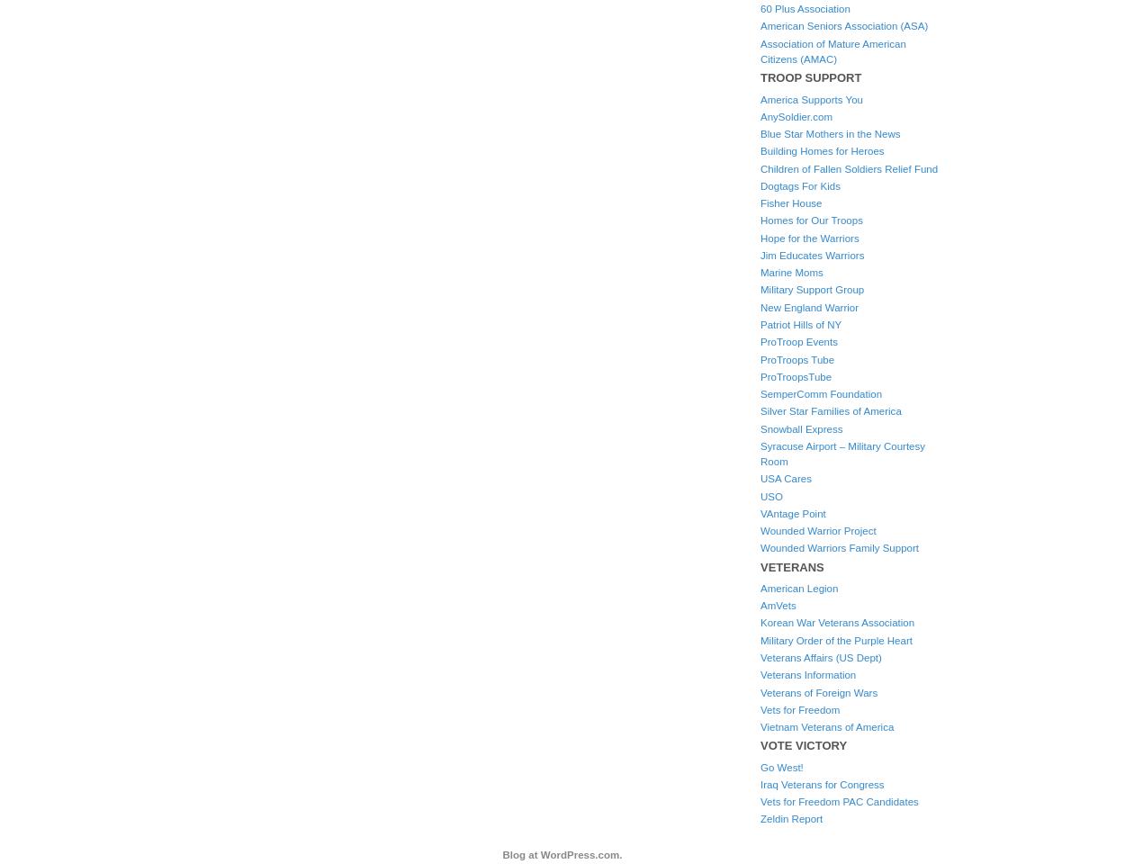 Image resolution: width=1125 pixels, height=864 pixels. I want to click on 'Korean War Veterans Association', so click(837, 622).